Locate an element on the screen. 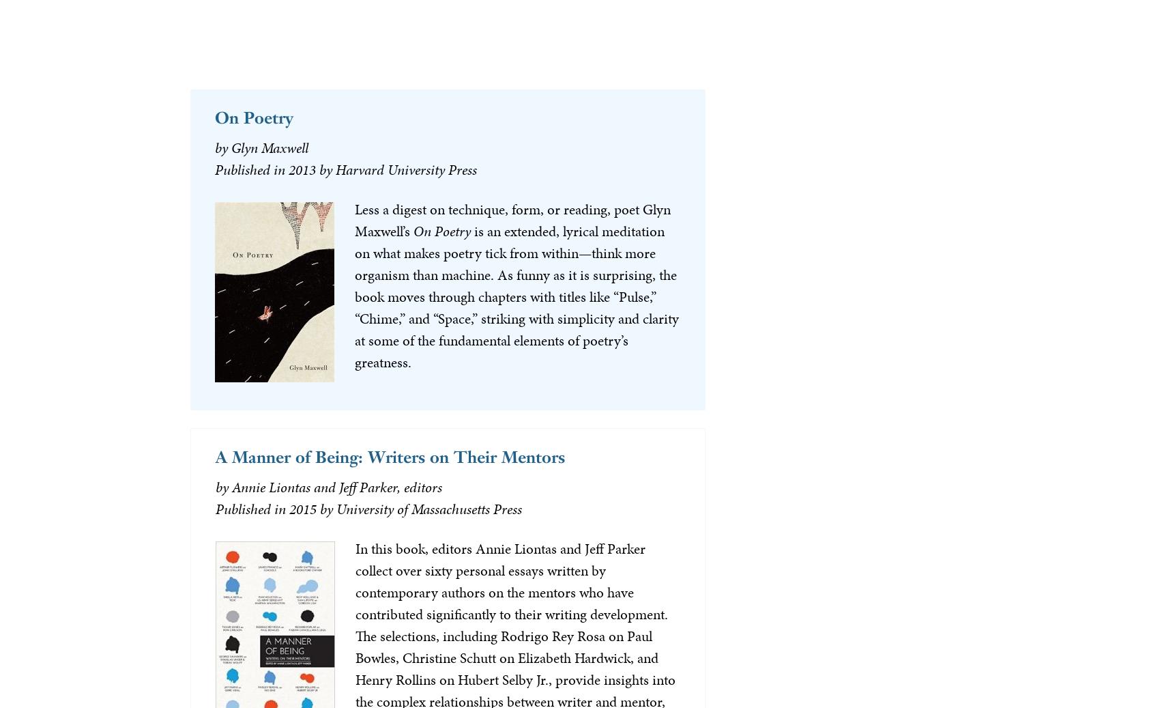  'Less a digest on technique, form, or reading, poet Glyn Maxwell’s' is located at coordinates (511, 218).